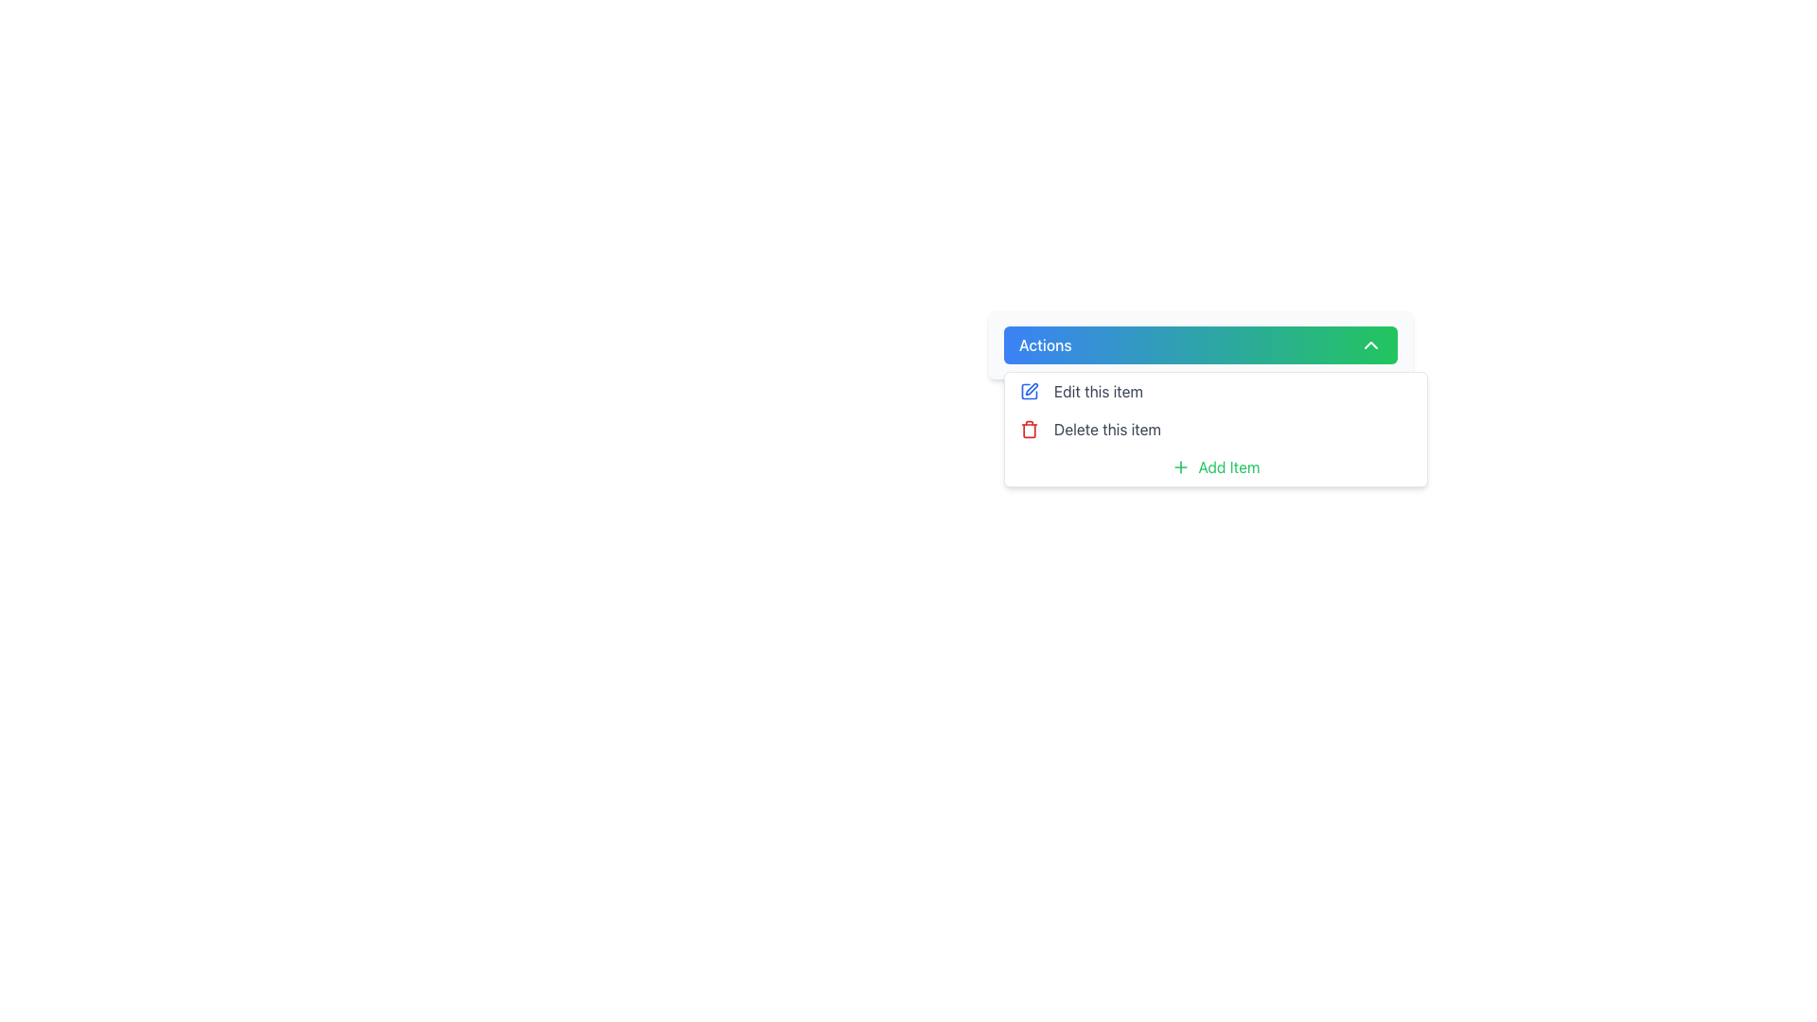  What do you see at coordinates (1029, 390) in the screenshot?
I see `the edit icon that represents the 'Edit this item' action, which is positioned to the left of the text 'Edit this item' within the dropdown menu under the 'Actions' button` at bounding box center [1029, 390].